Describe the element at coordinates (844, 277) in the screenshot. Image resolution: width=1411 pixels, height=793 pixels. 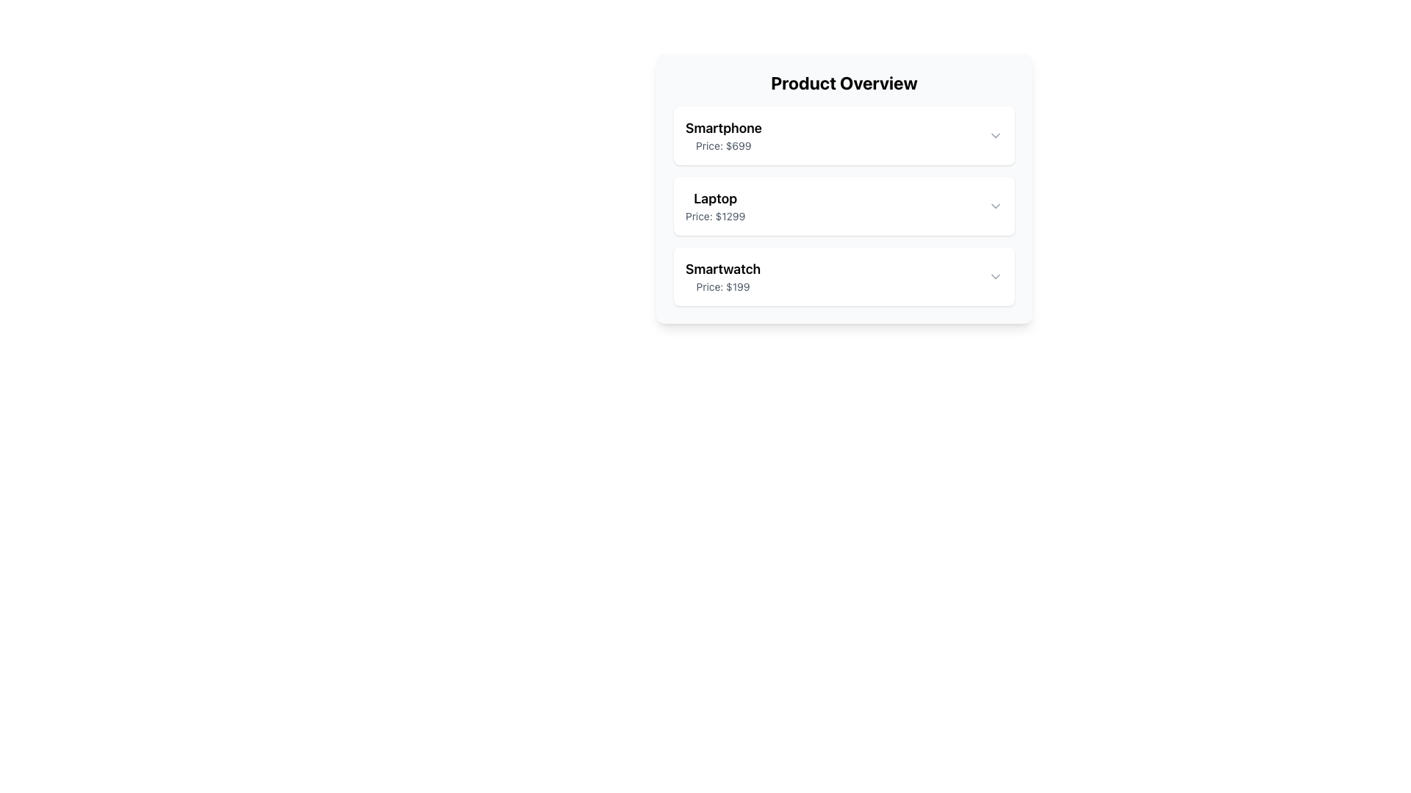
I see `the third product card containing the 'Smartwatch' details` at that location.